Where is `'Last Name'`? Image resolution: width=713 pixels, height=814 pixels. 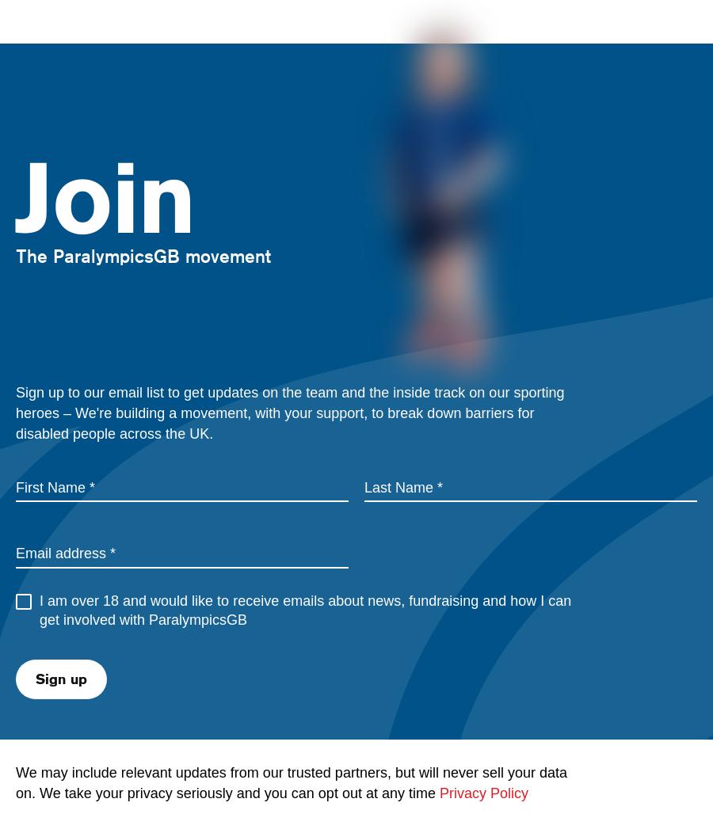
'Last Name' is located at coordinates (398, 485).